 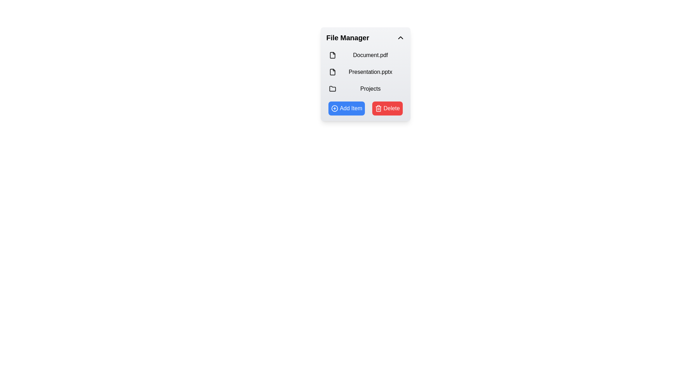 What do you see at coordinates (332, 89) in the screenshot?
I see `the folder icon located next to the label 'Projects' in the file management interface` at bounding box center [332, 89].